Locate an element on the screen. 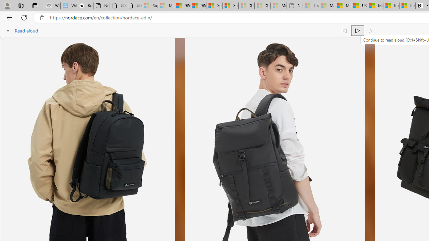 Image resolution: width=429 pixels, height=241 pixels. 'Marine life - MSN - Sleeping' is located at coordinates (327, 6).